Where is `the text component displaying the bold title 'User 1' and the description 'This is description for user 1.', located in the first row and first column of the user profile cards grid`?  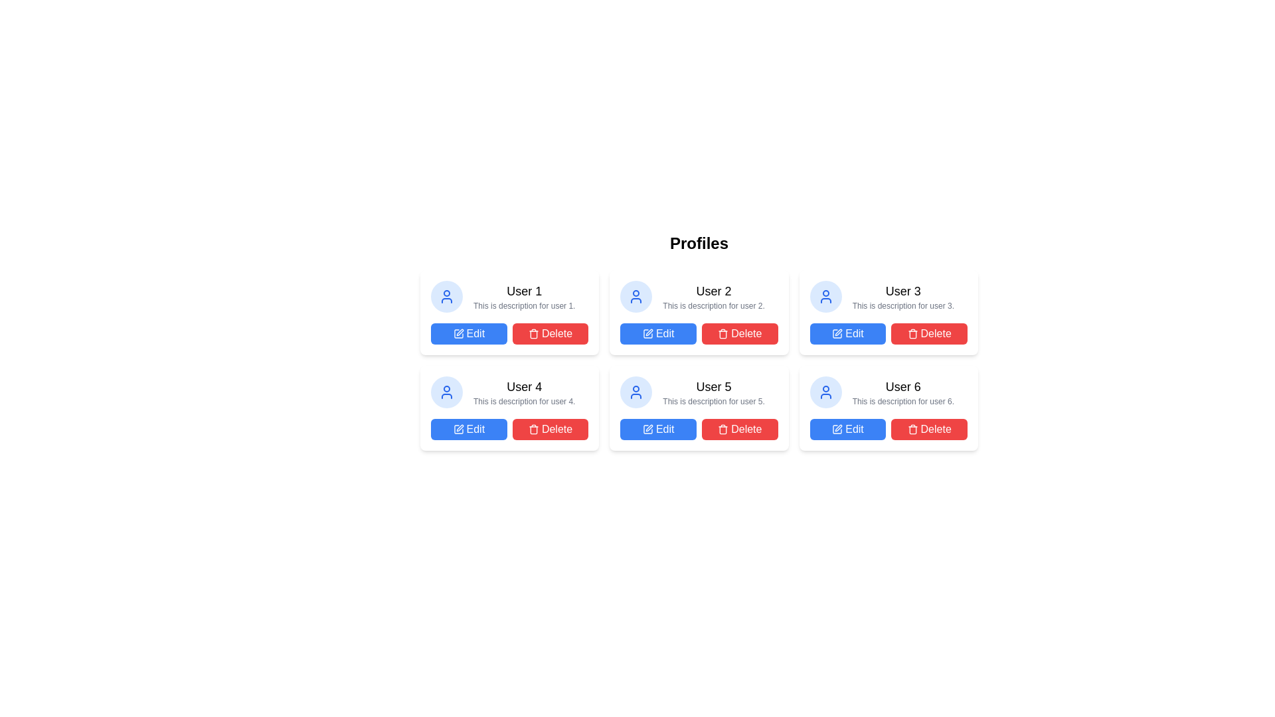
the text component displaying the bold title 'User 1' and the description 'This is description for user 1.', located in the first row and first column of the user profile cards grid is located at coordinates (509, 296).